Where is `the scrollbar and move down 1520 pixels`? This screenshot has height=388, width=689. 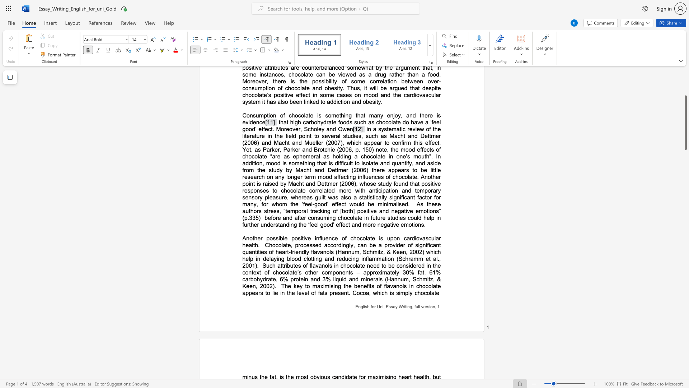 the scrollbar and move down 1520 pixels is located at coordinates (685, 122).